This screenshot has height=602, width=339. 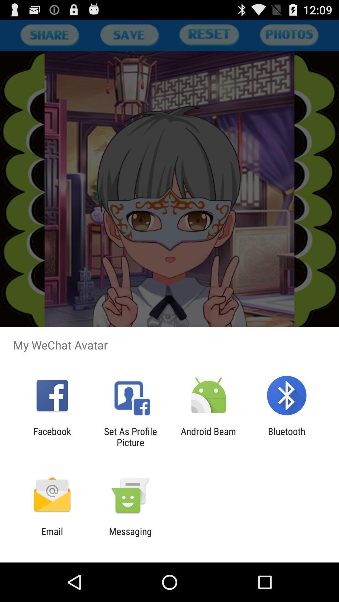 What do you see at coordinates (130, 436) in the screenshot?
I see `the icon to the left of android beam` at bounding box center [130, 436].